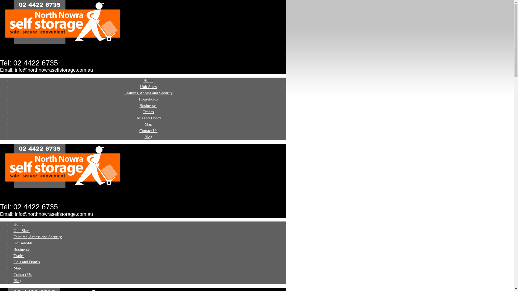 The width and height of the screenshot is (518, 291). What do you see at coordinates (148, 112) in the screenshot?
I see `'Trades'` at bounding box center [148, 112].